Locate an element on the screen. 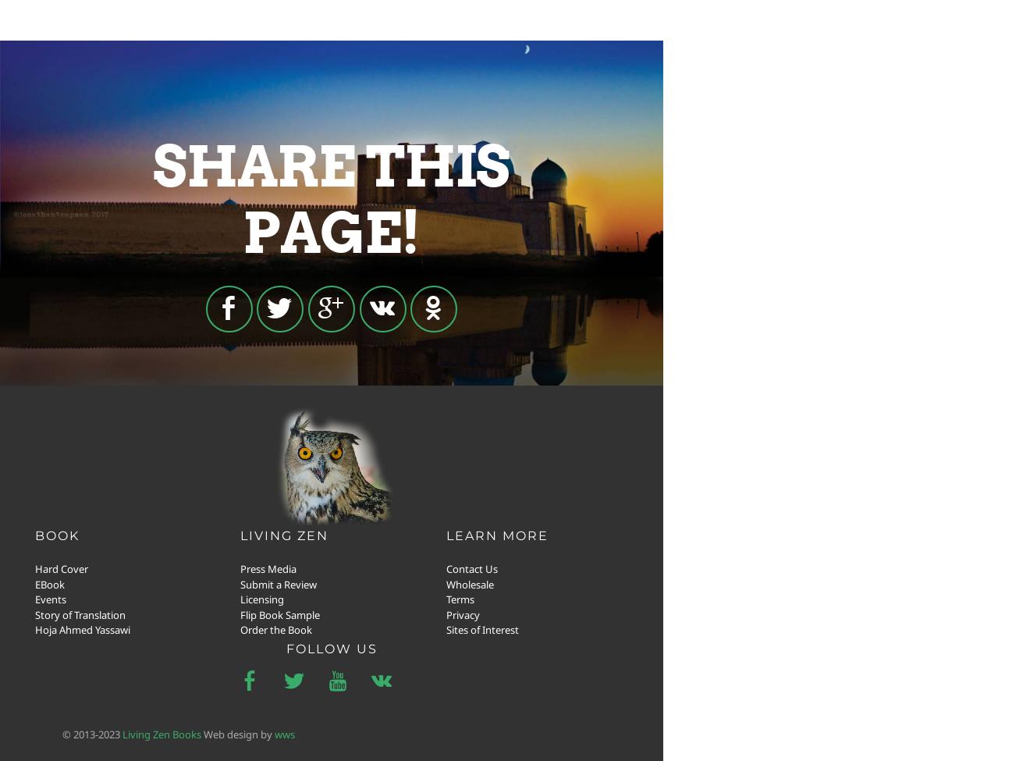 The image size is (1030, 761). 'Living Zen Books' is located at coordinates (162, 732).